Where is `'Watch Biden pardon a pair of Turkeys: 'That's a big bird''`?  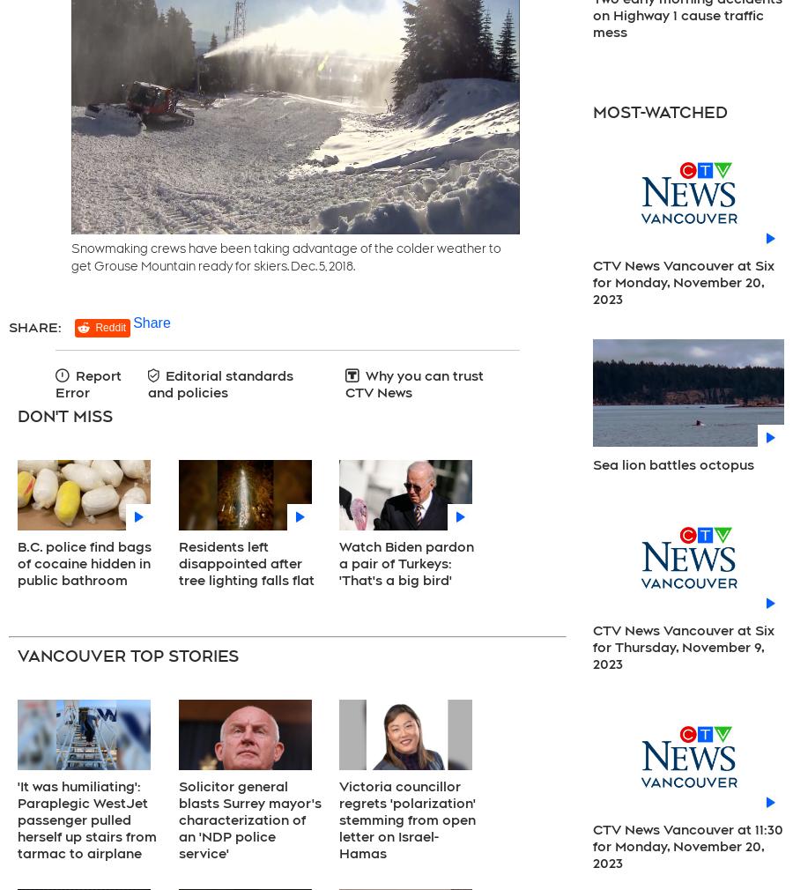
'Watch Biden pardon a pair of Turkeys: 'That's a big bird'' is located at coordinates (405, 562).